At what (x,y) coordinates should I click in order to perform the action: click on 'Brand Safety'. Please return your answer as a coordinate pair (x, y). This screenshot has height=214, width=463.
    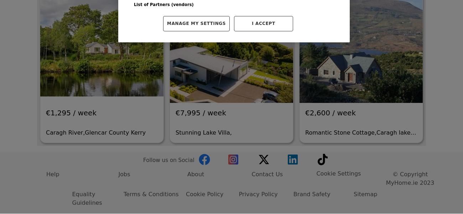
    Looking at the image, I should click on (293, 122).